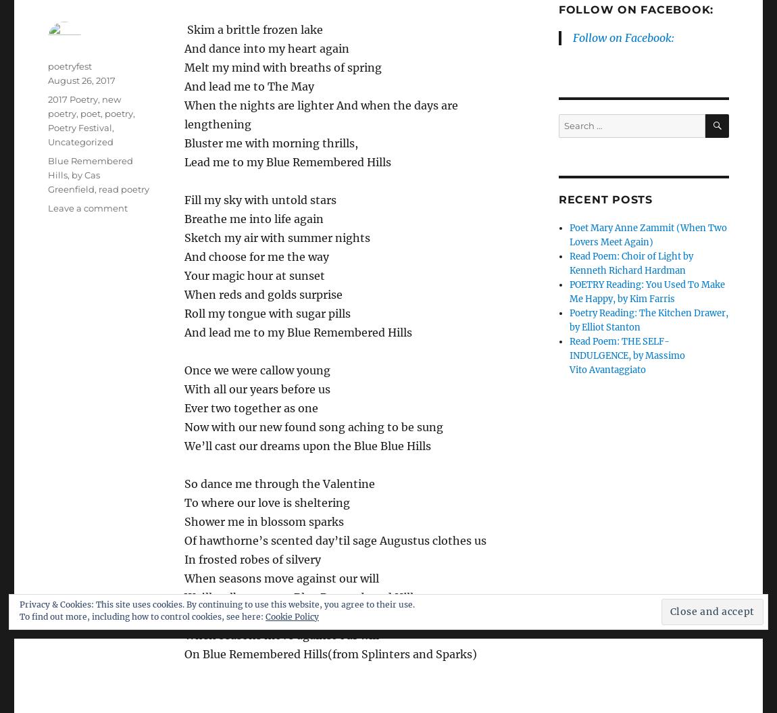 The height and width of the screenshot is (713, 777). Describe the element at coordinates (72, 99) in the screenshot. I see `'2017 Poetry'` at that location.